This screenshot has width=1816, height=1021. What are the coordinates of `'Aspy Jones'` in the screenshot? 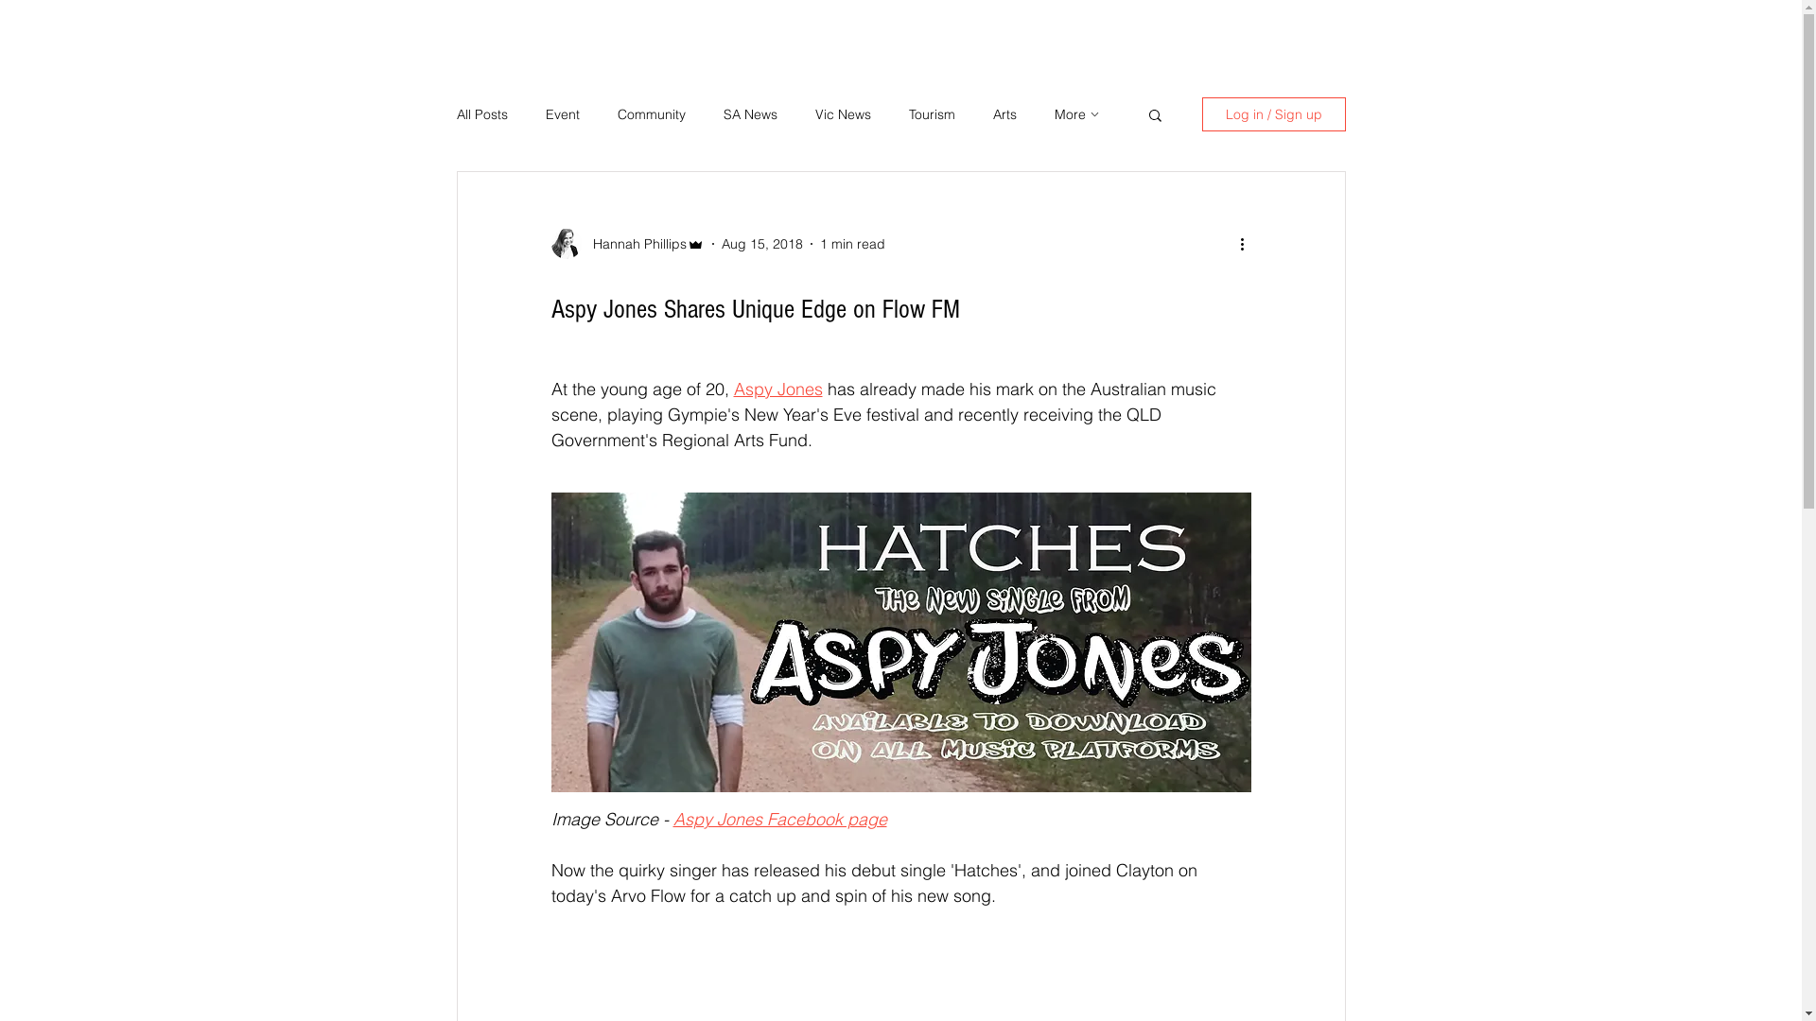 It's located at (777, 388).